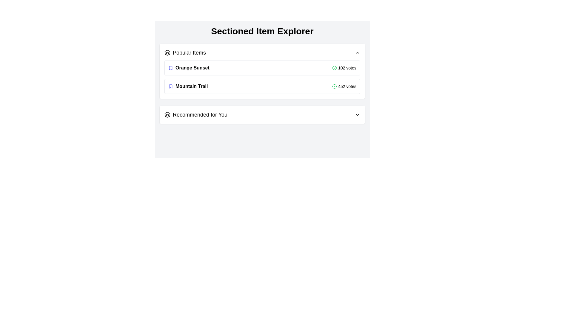 The height and width of the screenshot is (322, 573). I want to click on the verification badge icon located to the left of the text '102 votes' in the 'Orange Sunset' item row within the 'Popular Items' section, so click(335, 67).